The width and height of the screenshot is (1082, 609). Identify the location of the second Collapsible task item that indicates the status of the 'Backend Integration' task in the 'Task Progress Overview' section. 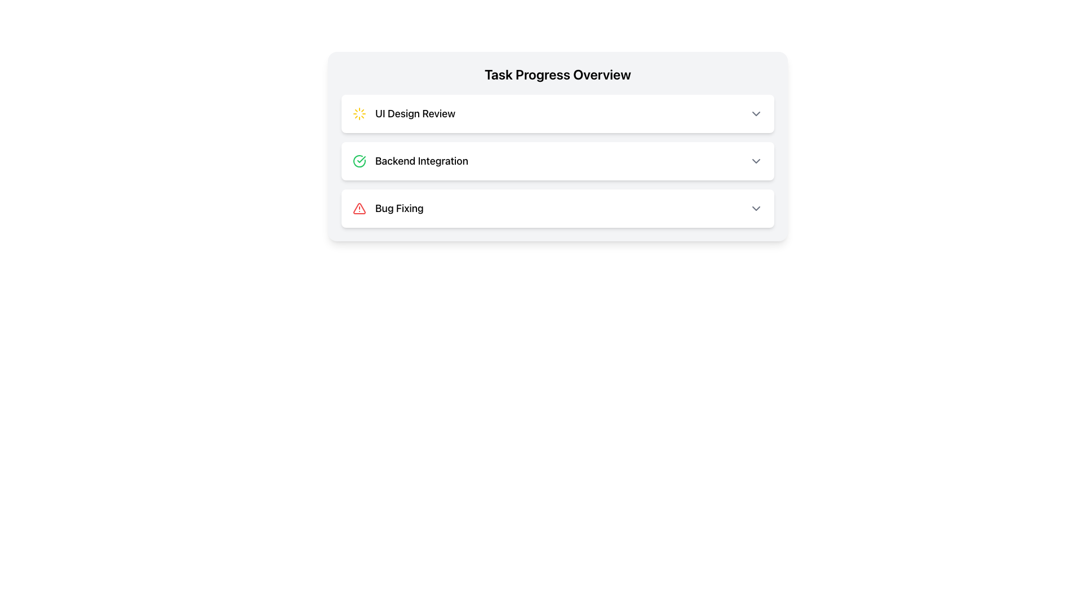
(557, 161).